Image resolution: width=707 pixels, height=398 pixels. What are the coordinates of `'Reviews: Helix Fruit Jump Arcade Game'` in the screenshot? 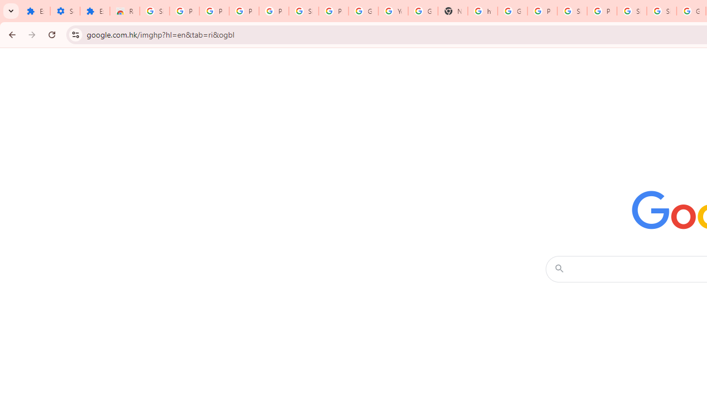 It's located at (124, 11).